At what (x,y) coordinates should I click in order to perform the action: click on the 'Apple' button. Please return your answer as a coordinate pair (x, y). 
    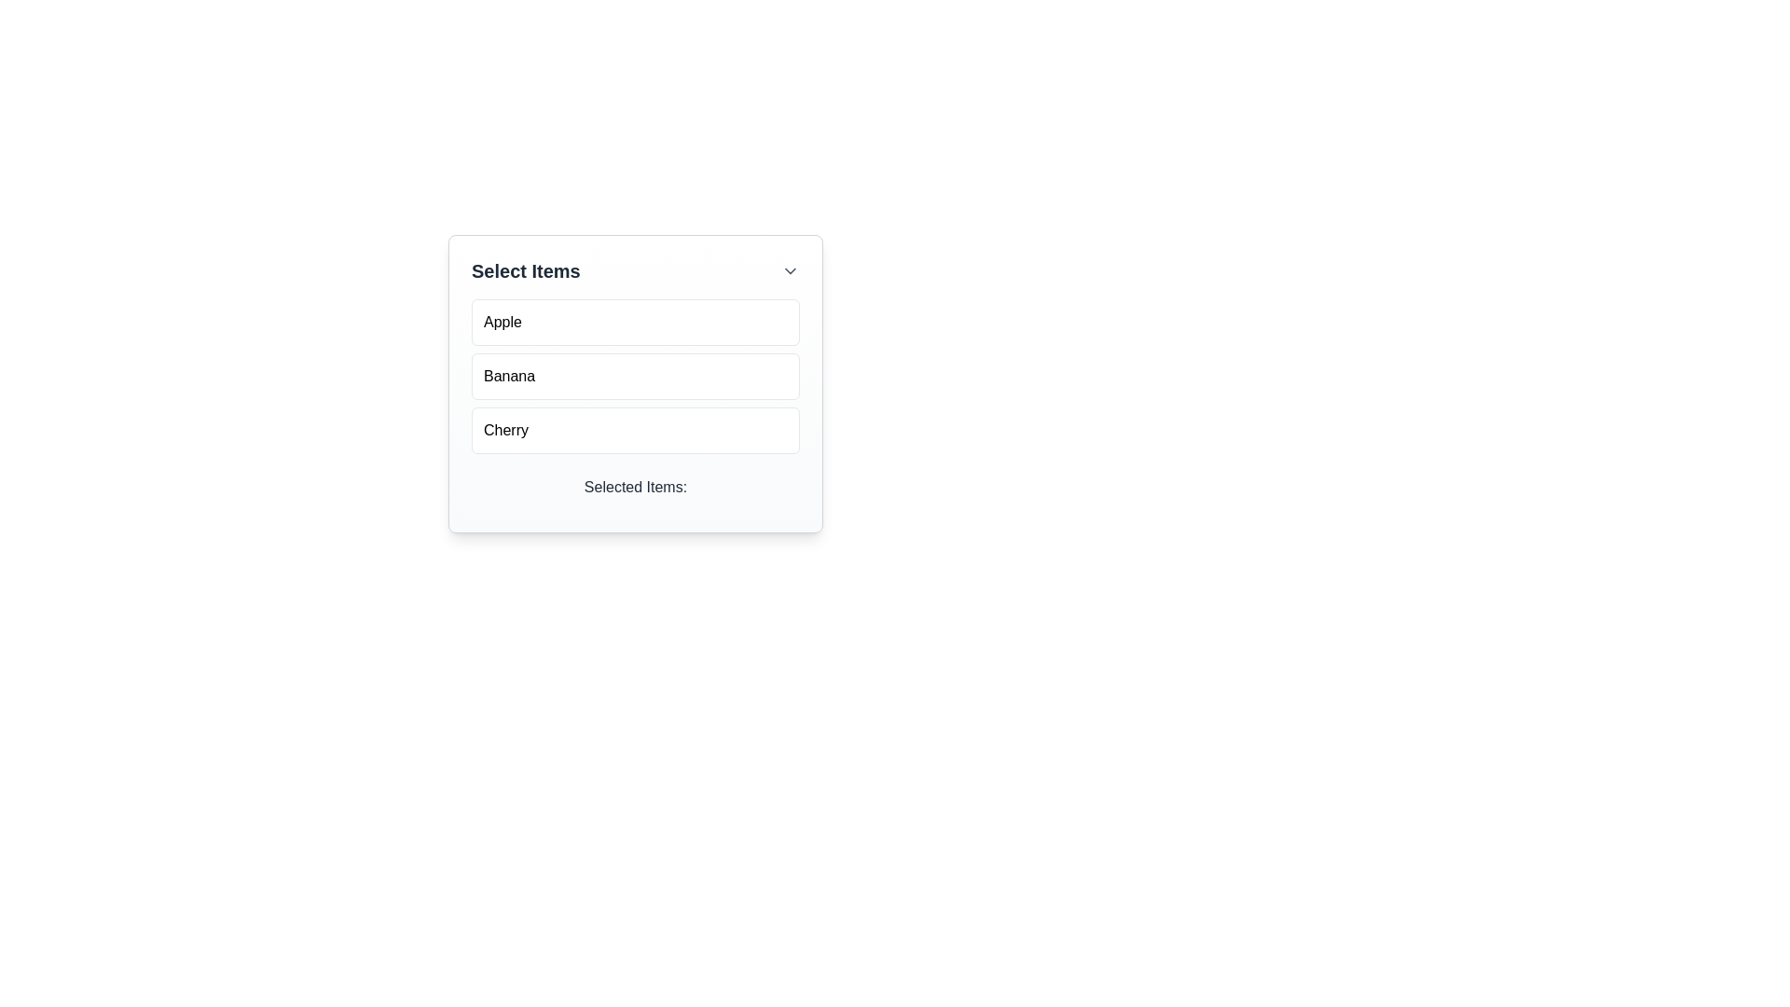
    Looking at the image, I should click on (635, 322).